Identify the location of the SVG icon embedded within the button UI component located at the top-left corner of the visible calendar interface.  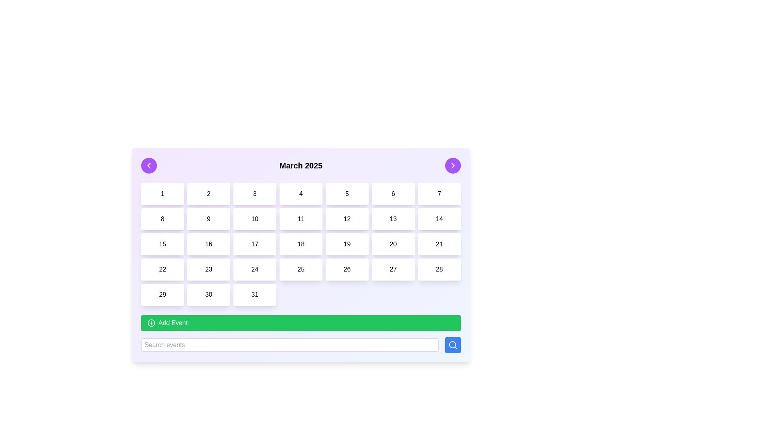
(149, 165).